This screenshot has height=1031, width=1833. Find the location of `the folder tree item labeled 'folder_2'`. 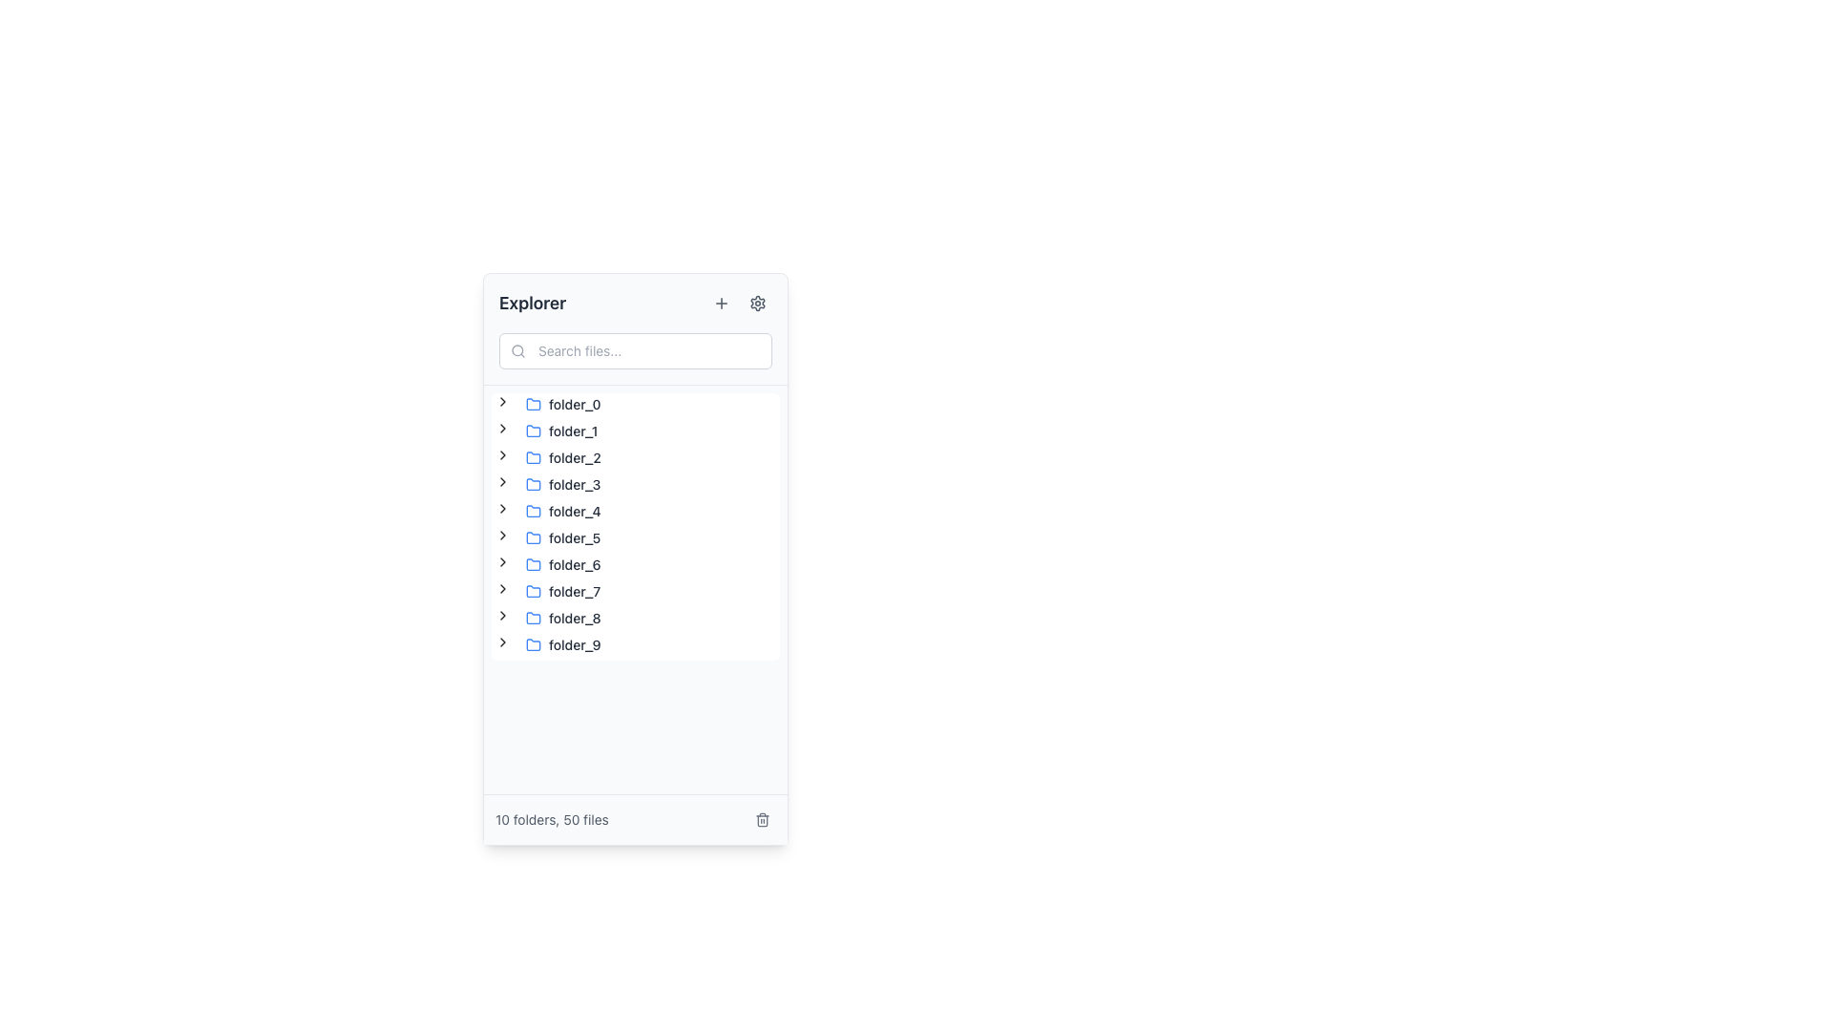

the folder tree item labeled 'folder_2' is located at coordinates (549, 457).